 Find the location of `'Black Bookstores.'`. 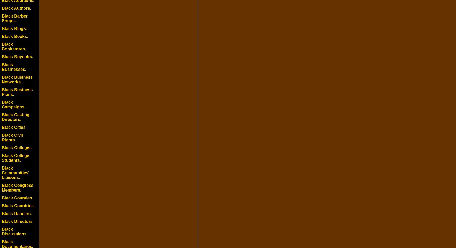

'Black Bookstores.' is located at coordinates (14, 46).